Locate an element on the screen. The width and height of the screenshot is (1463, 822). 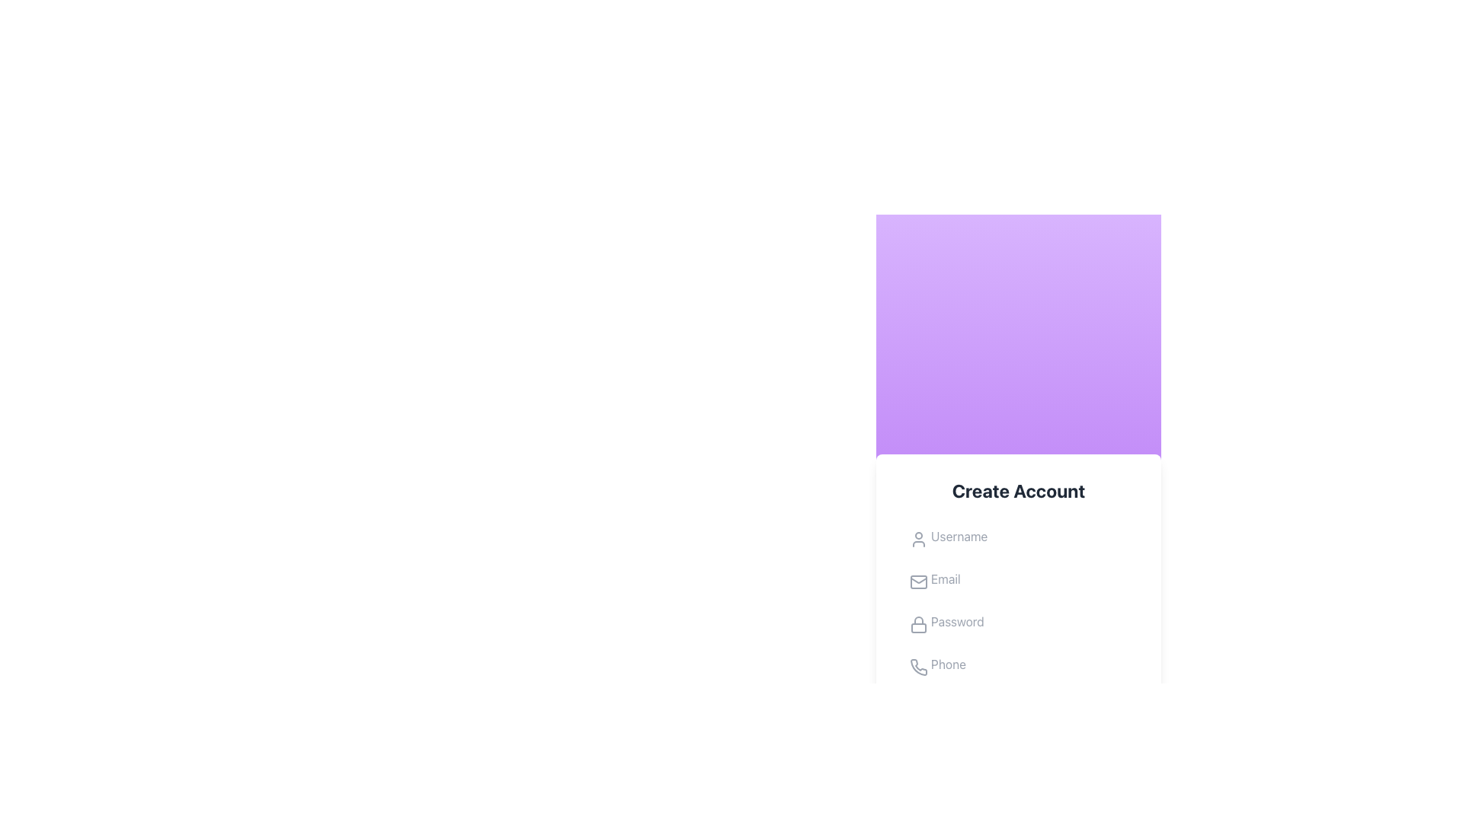
the password field icon, which is a visual representation indicating secure input, located to the left of the 'Password' text input field is located at coordinates (917, 625).